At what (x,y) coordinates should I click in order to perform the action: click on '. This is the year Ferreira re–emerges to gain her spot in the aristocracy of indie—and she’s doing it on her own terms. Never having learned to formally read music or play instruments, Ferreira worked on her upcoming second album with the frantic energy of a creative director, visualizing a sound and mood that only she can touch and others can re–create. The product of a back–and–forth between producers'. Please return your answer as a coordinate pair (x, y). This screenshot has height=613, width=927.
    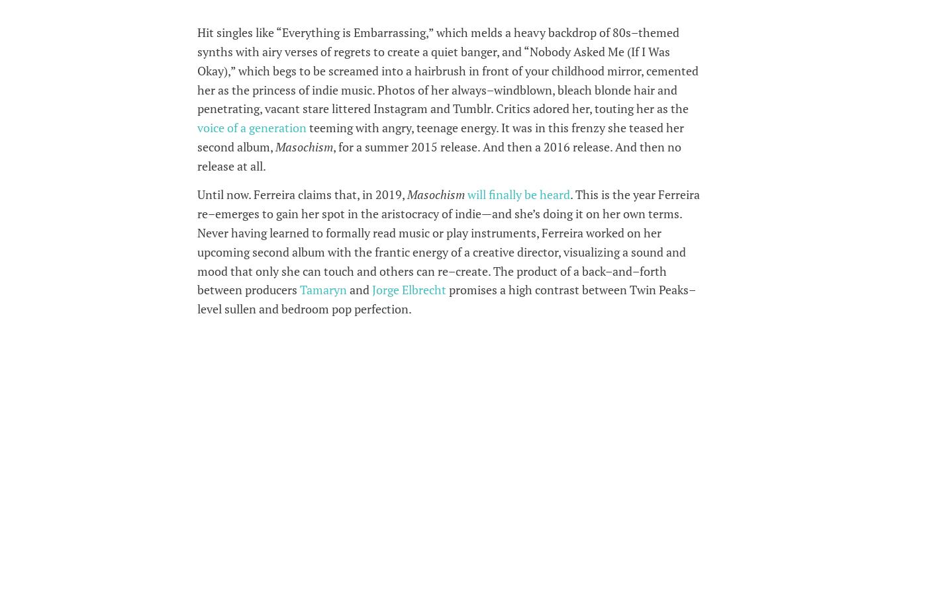
    Looking at the image, I should click on (448, 241).